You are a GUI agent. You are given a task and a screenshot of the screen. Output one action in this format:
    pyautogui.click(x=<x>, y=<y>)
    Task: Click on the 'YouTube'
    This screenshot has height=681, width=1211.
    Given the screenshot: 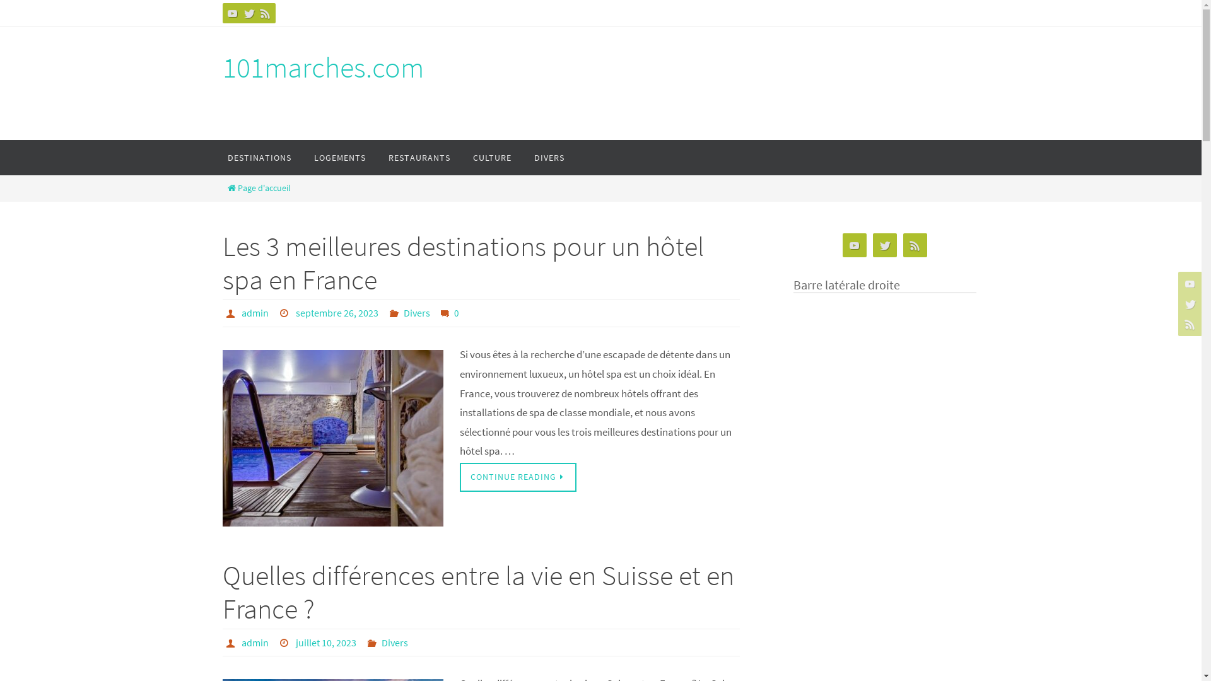 What is the action you would take?
    pyautogui.click(x=1187, y=284)
    